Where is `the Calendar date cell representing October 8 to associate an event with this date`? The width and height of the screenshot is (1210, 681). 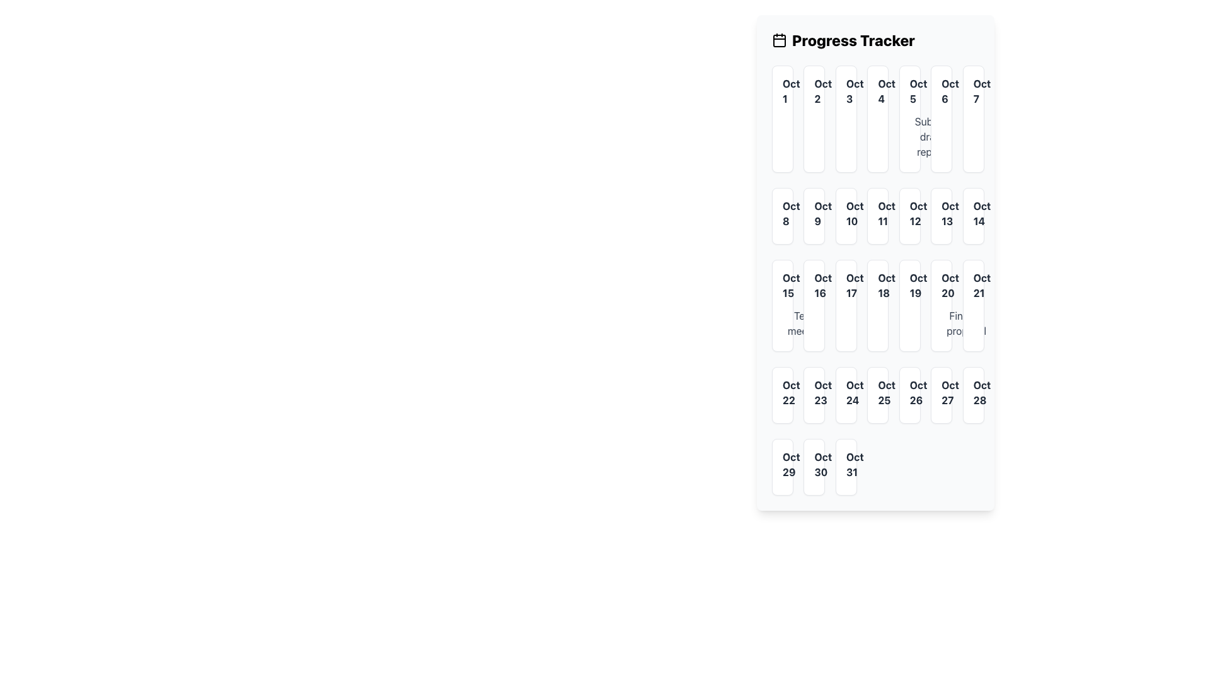
the Calendar date cell representing October 8 to associate an event with this date is located at coordinates (782, 216).